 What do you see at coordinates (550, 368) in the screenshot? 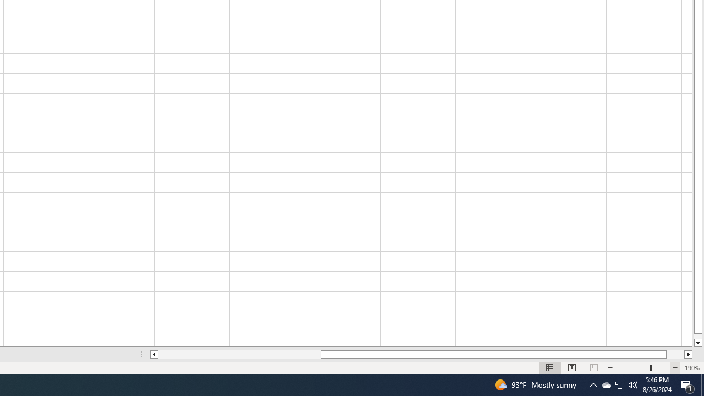
I see `'Normal'` at bounding box center [550, 368].